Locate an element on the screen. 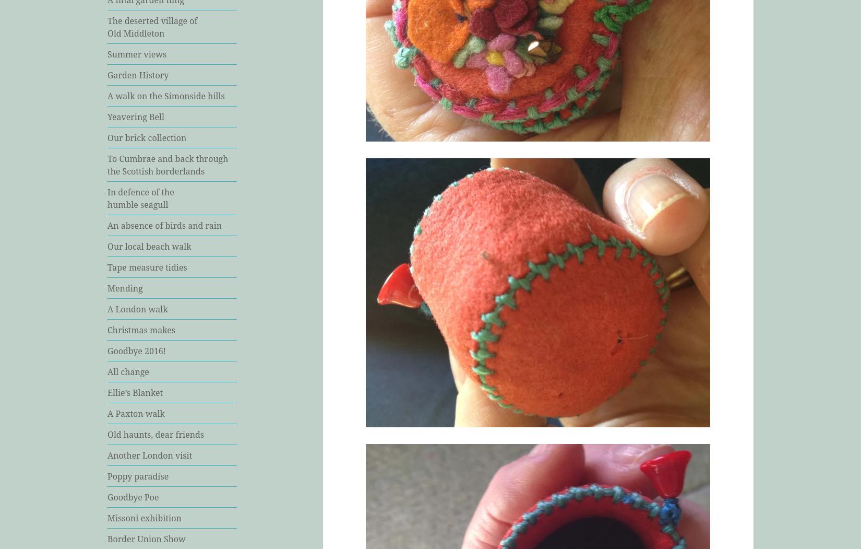 The width and height of the screenshot is (861, 549). 'The deserted village of Old Middleton' is located at coordinates (152, 26).